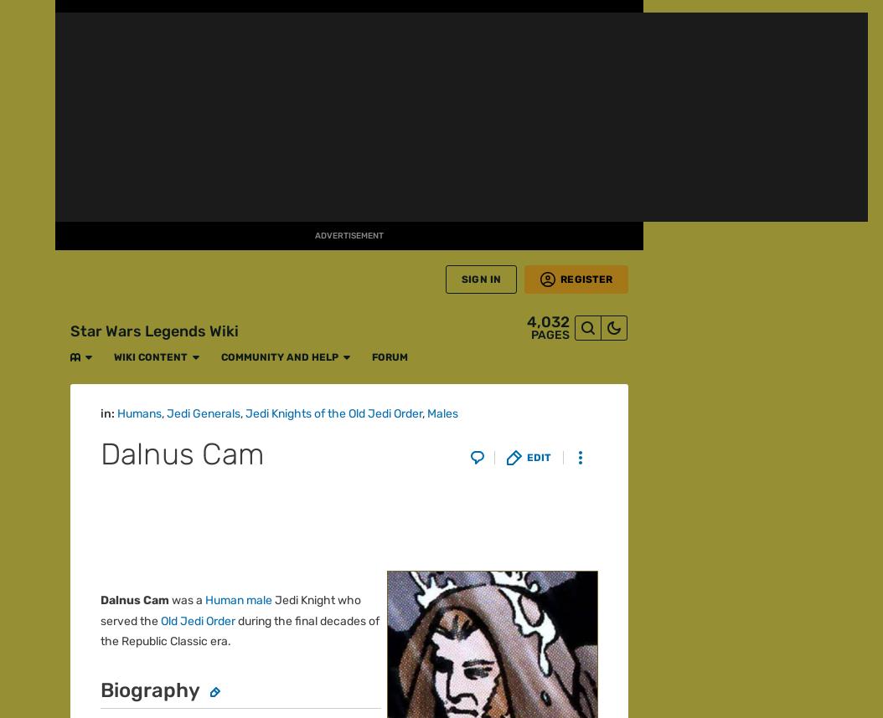  I want to click on 'What is Fandom?', so click(115, 603).